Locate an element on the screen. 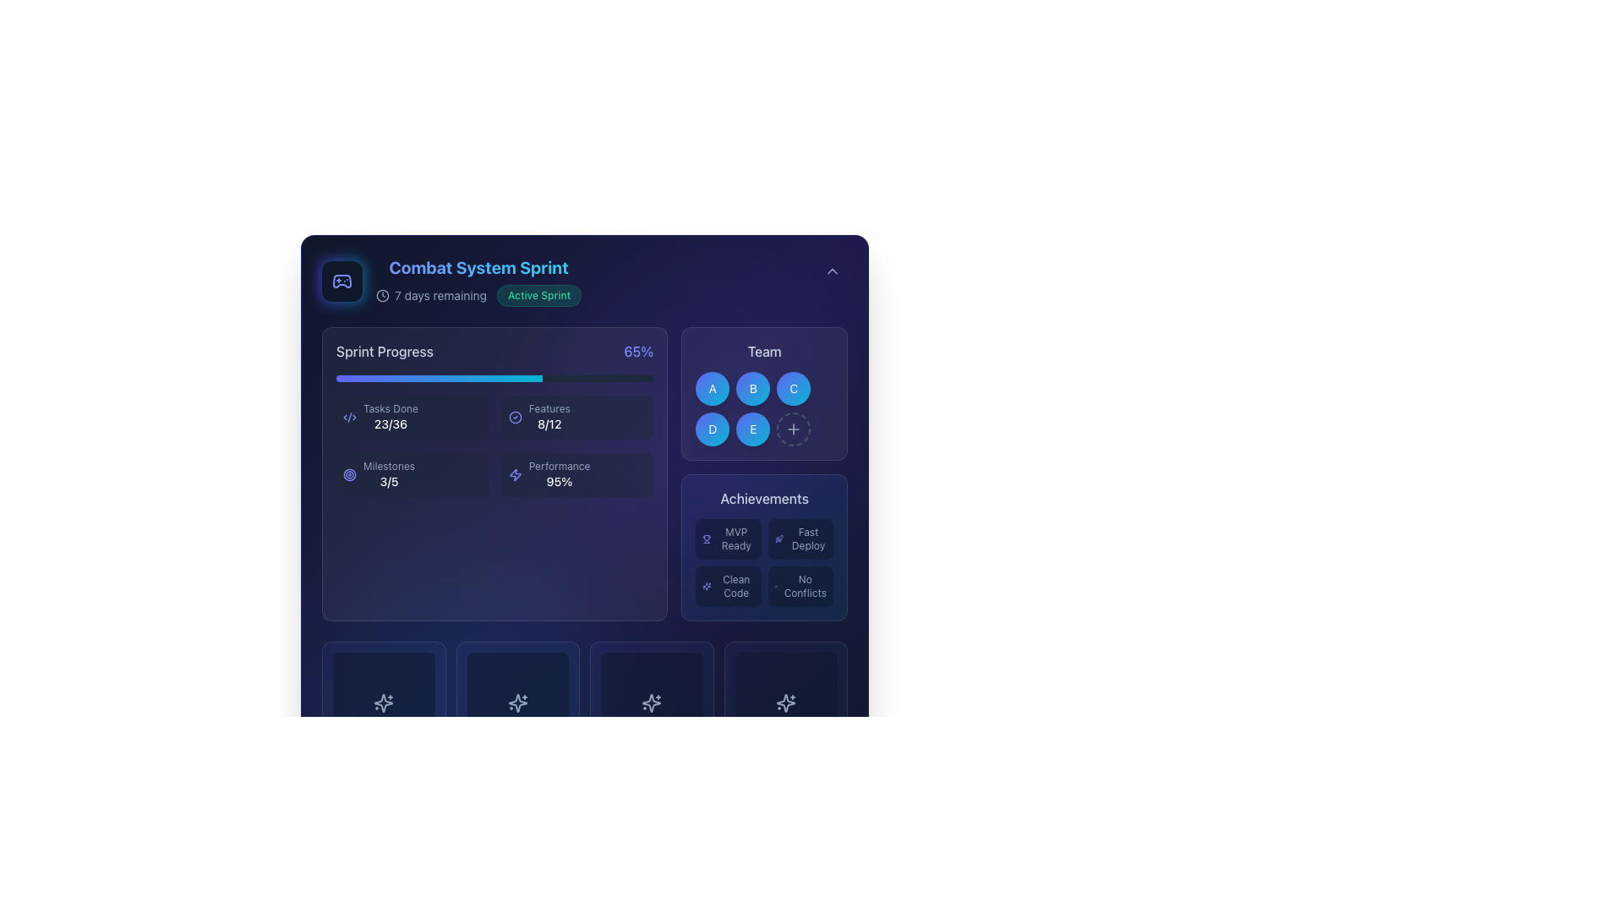  the energy-related icon located in the lower-left corner of the dark interface is located at coordinates (514, 475).